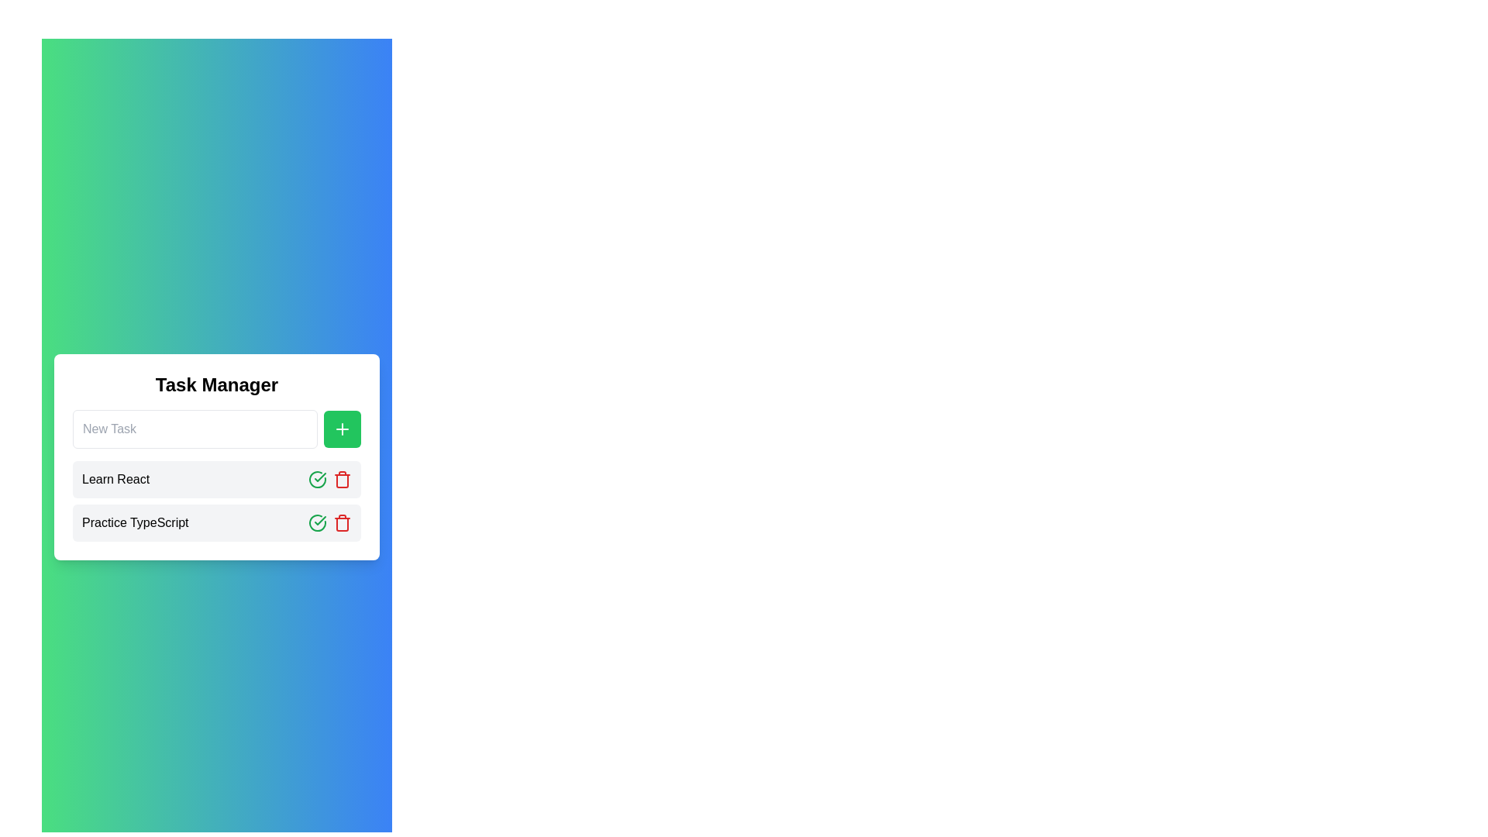  What do you see at coordinates (316, 523) in the screenshot?
I see `the green circular icon with a checkmark located to the left of the red trash icon within the 'Learn React' list item` at bounding box center [316, 523].